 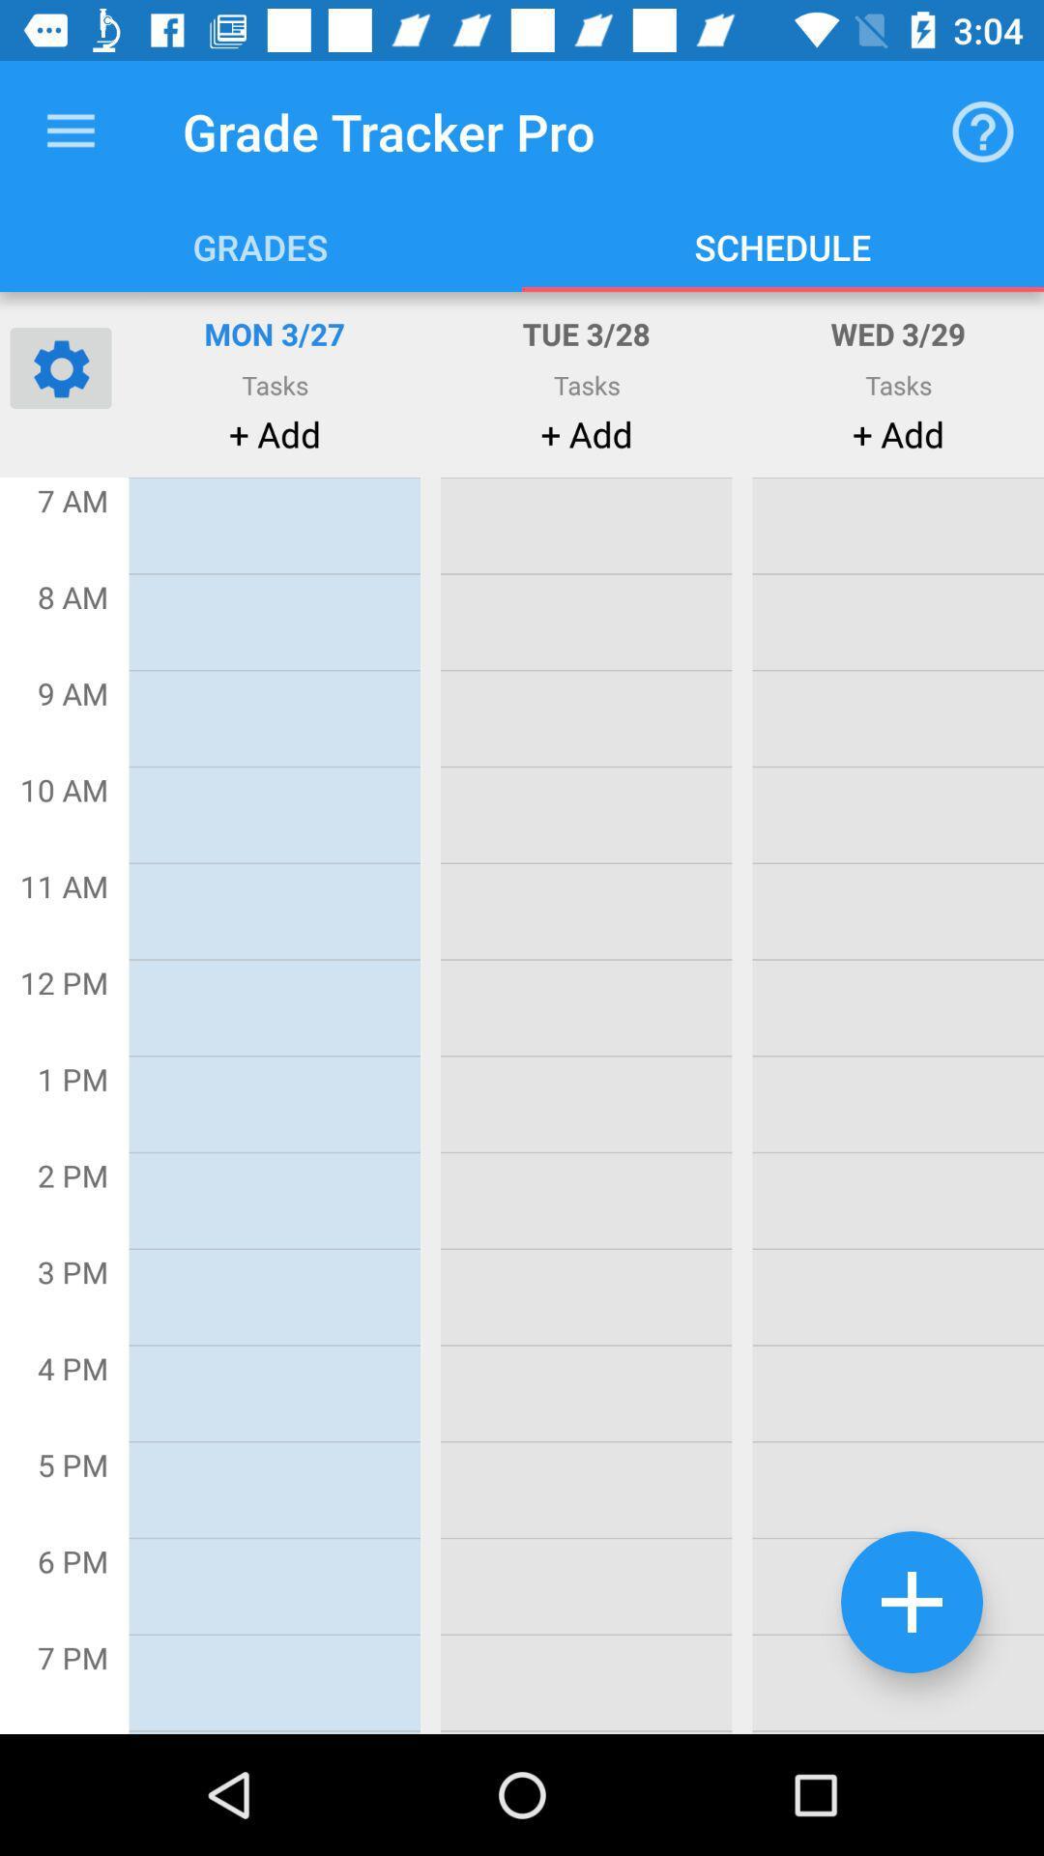 I want to click on the settings icon, so click(x=59, y=367).